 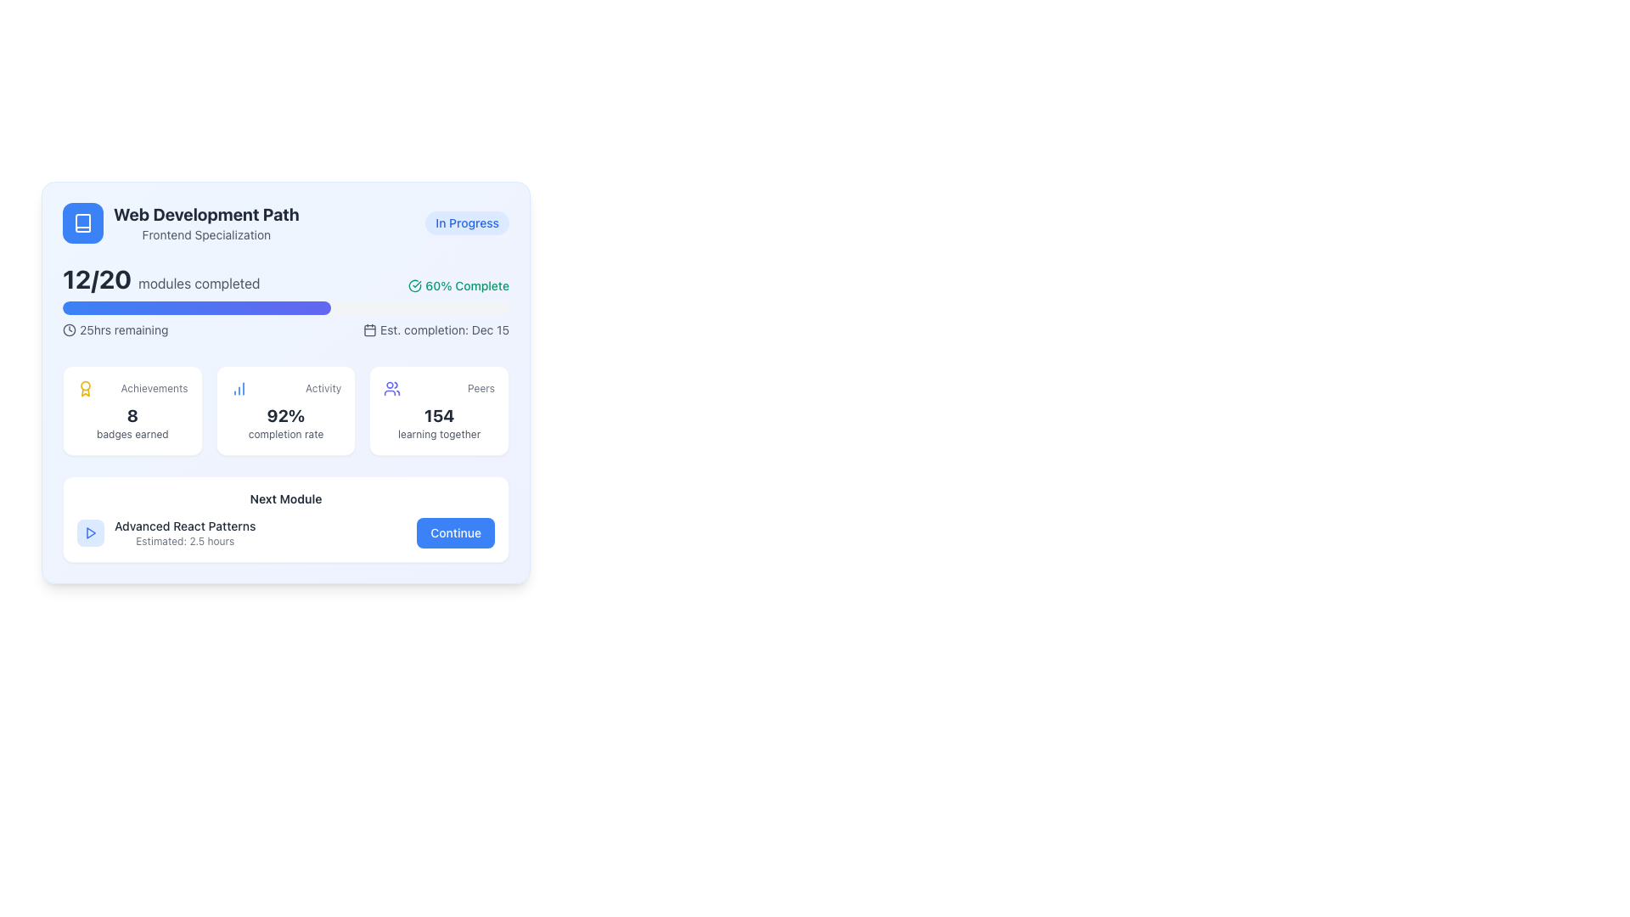 I want to click on the Header section of the card that contains the course title, specialization, and current status, which is located in the upper-left corner of the card layout, so click(x=285, y=222).